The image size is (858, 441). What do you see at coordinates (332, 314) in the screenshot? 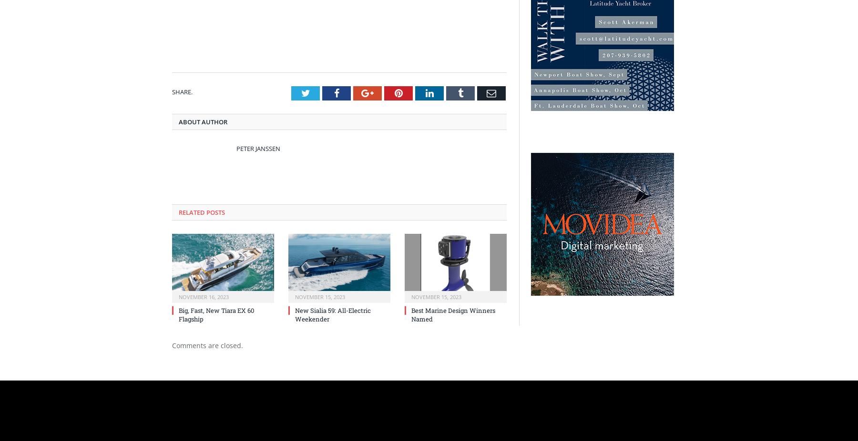
I see `'New Sialia 59: All-Electric Weekender'` at bounding box center [332, 314].